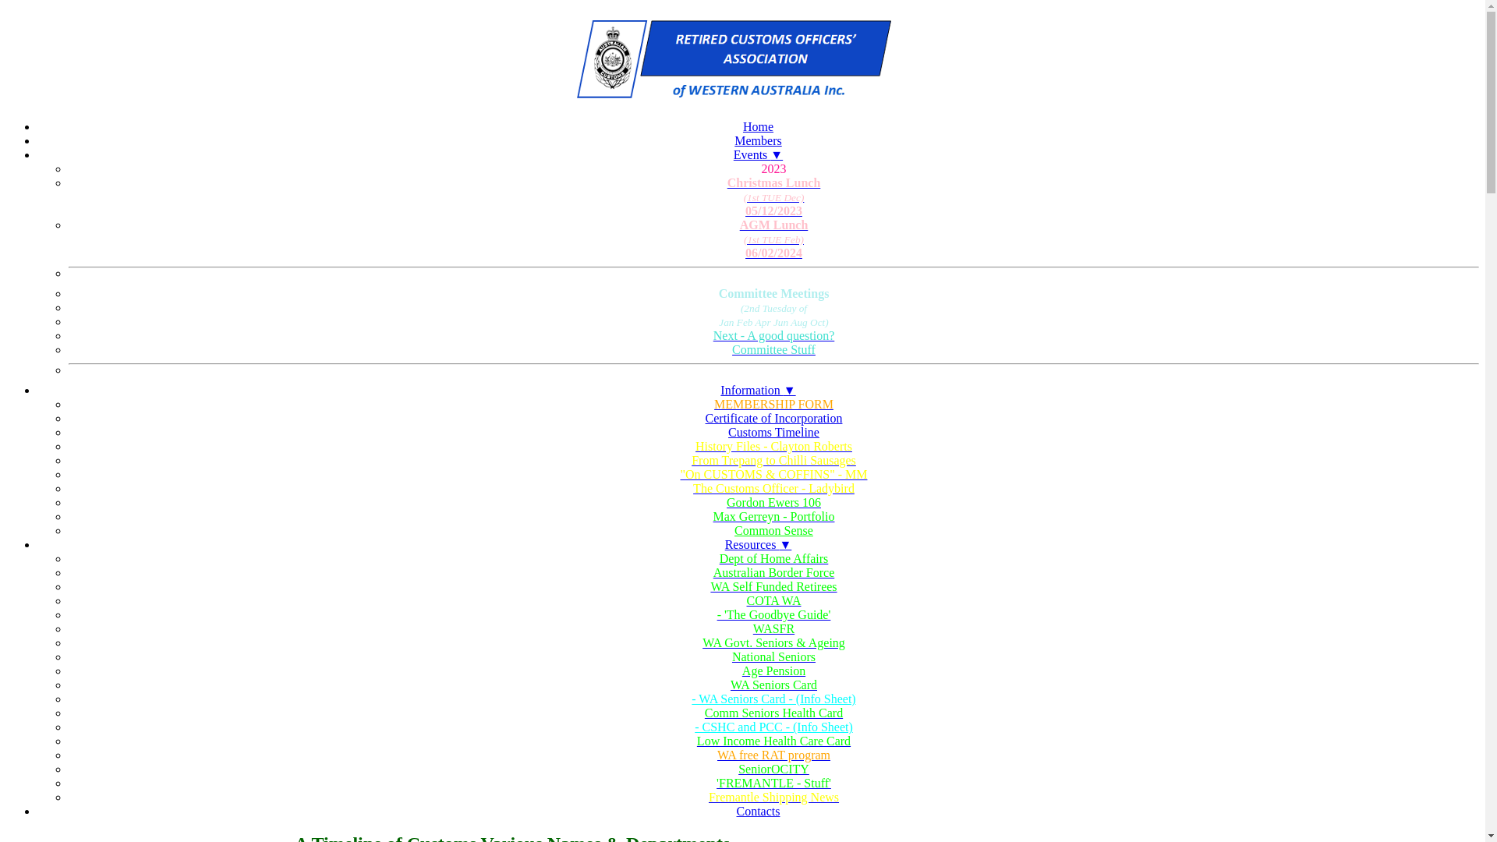 The width and height of the screenshot is (1497, 842). I want to click on 'Australian Border Force', so click(773, 573).